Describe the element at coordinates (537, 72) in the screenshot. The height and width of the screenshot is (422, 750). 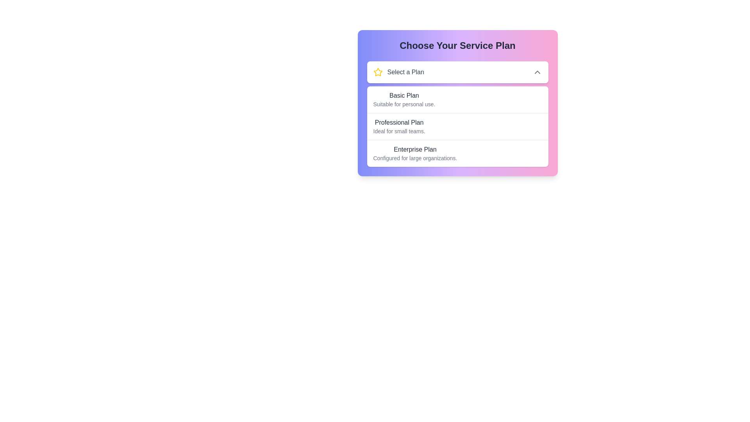
I see `the downward-pointing chevron icon located at the far right of the 'Select a Plan' header area` at that location.